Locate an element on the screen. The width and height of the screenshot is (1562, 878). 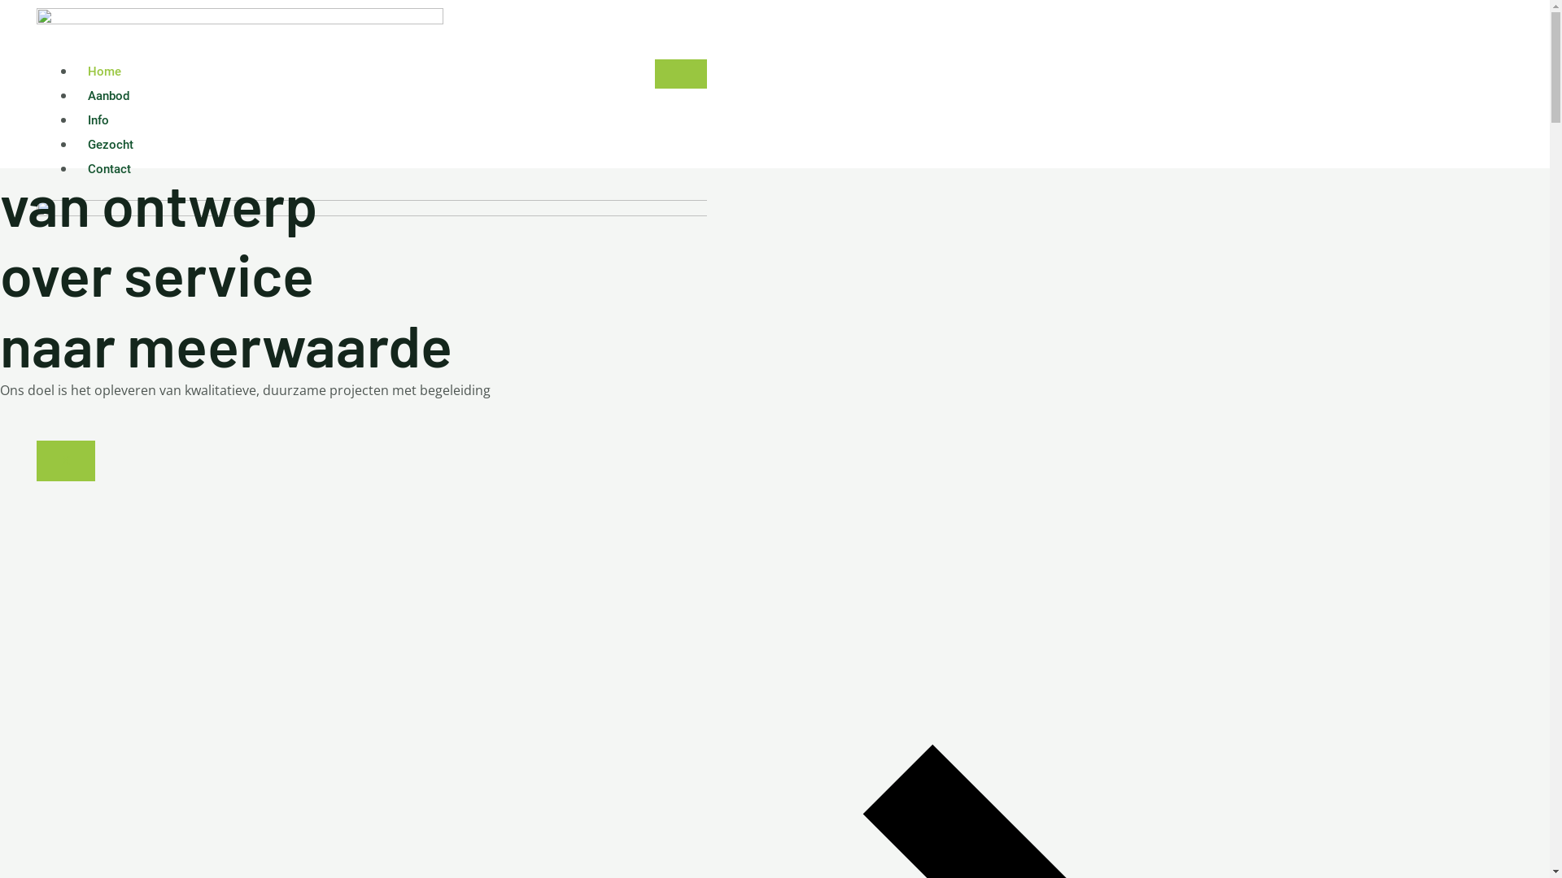
'Home' is located at coordinates (103, 71).